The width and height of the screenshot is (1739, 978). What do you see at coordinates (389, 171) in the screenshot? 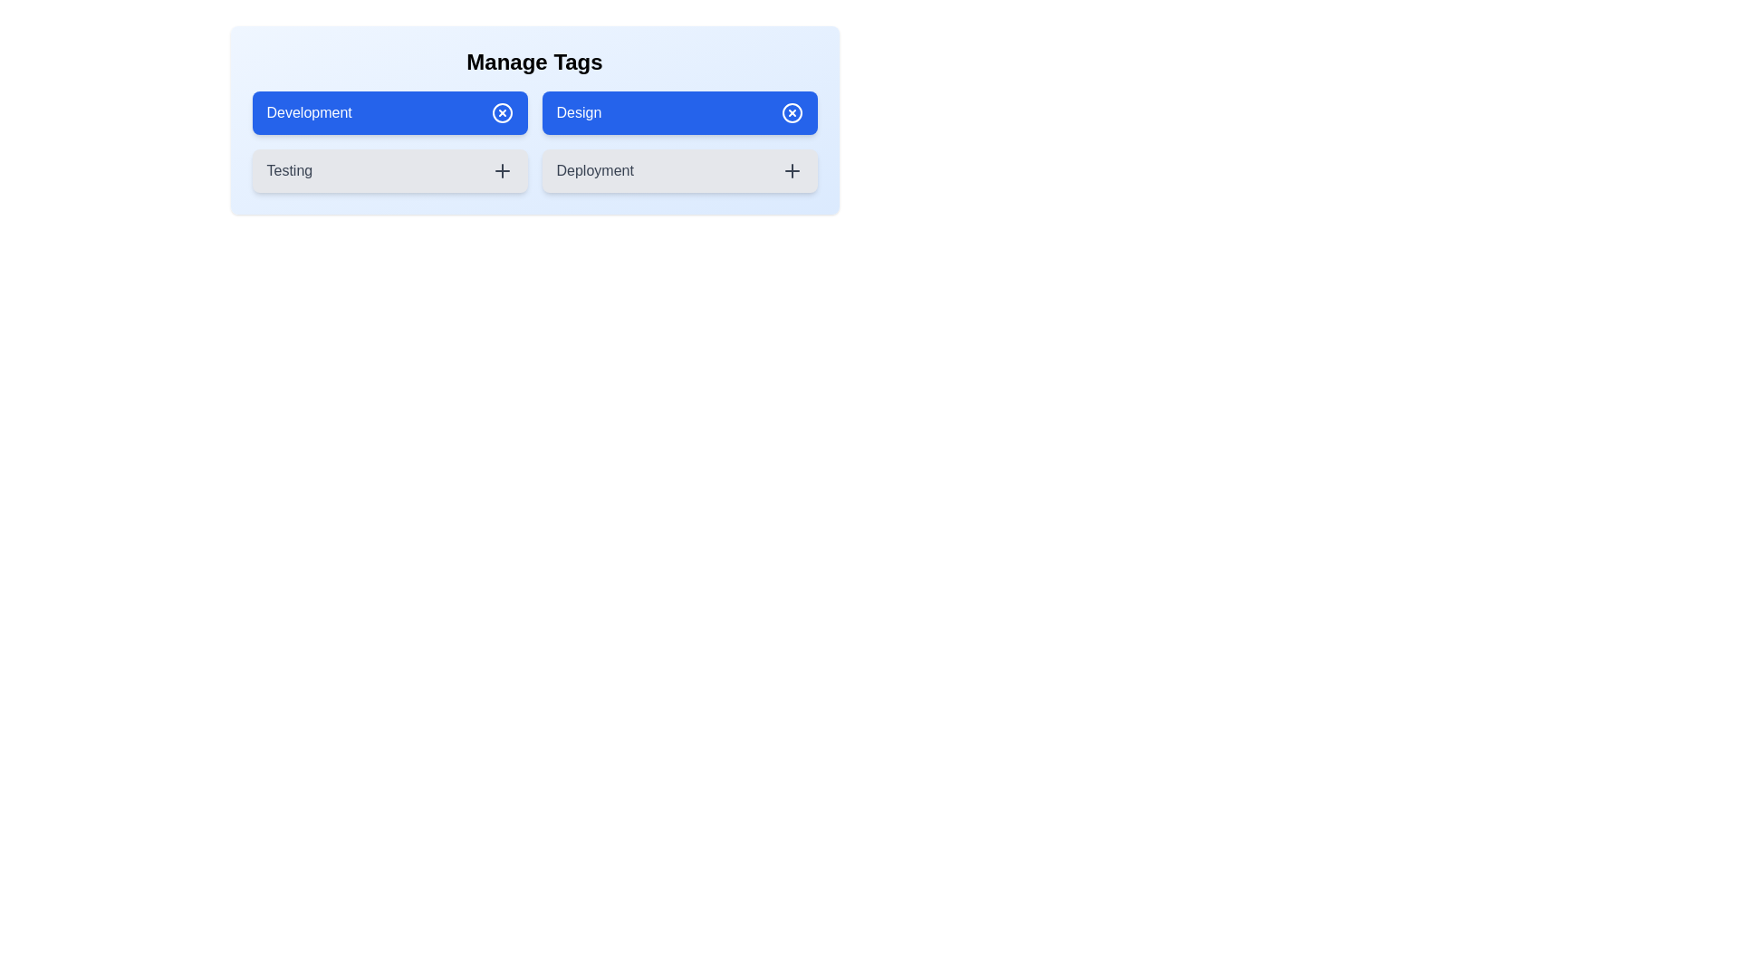
I see `the tag labeled Testing to toggle its state` at bounding box center [389, 171].